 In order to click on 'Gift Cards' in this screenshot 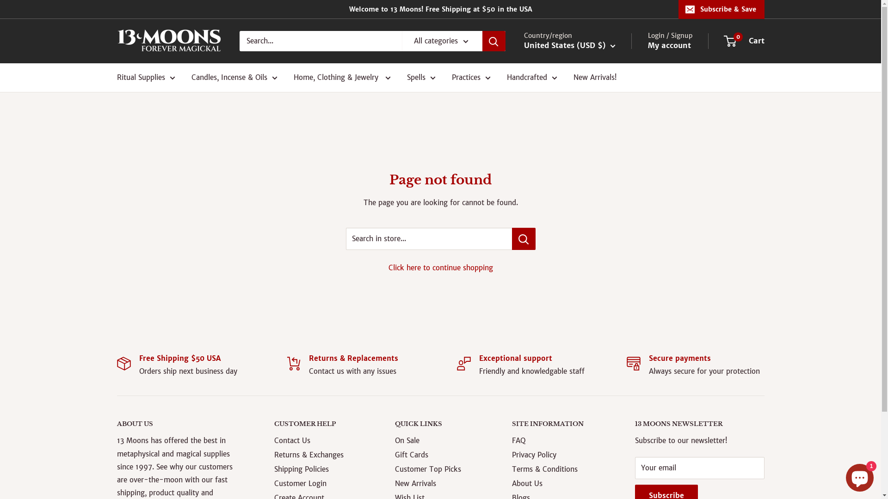, I will do `click(395, 454)`.